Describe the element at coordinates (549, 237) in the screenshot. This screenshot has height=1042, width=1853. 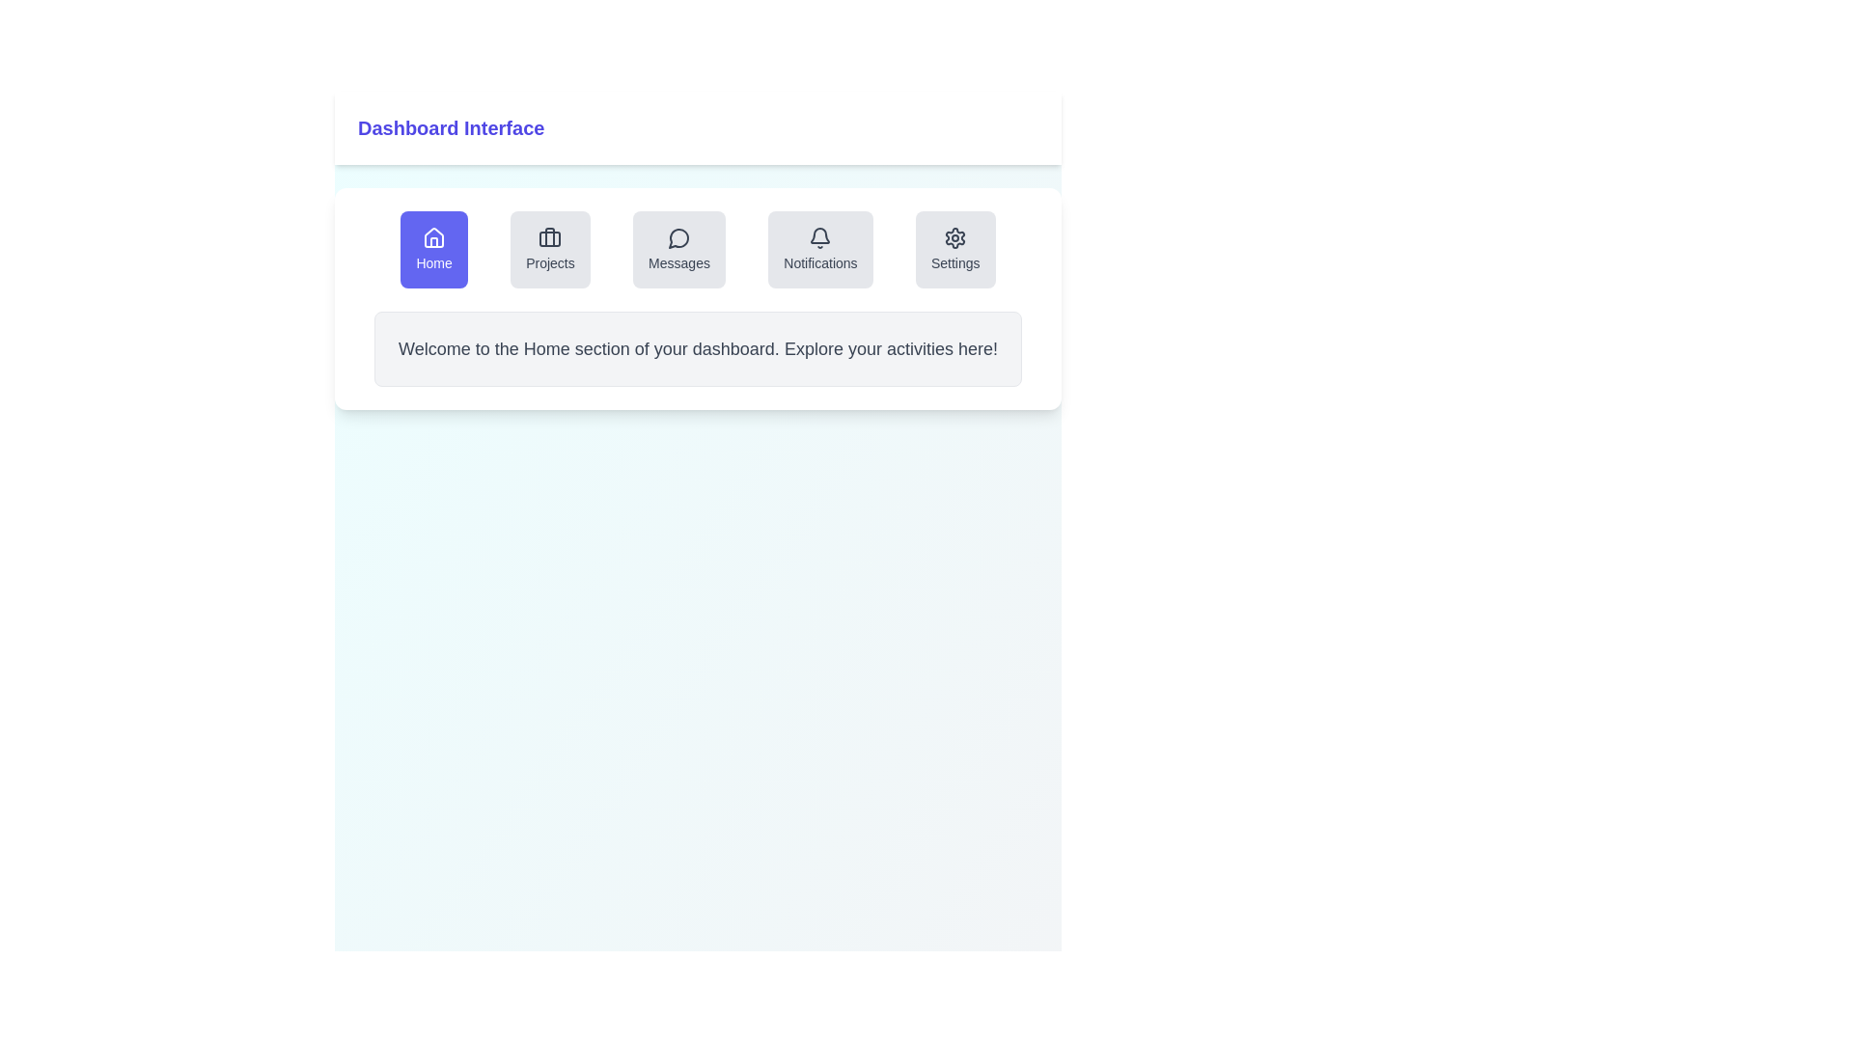
I see `the graphical element represented by a light-colored, horizontally elongated rectangle with rounded corners, which is part of a suitcase or briefcase icon located second in a row of five icons below the 'Projects' label` at that location.